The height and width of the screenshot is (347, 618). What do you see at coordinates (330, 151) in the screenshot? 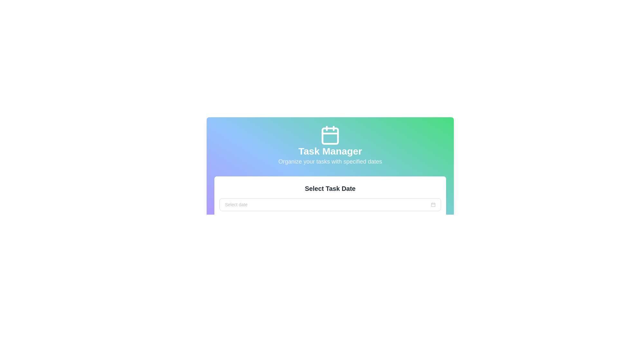
I see `the 'Task Manager' text label, which is styled in bold with a white font on a gradient background, located centrally in the interface` at bounding box center [330, 151].